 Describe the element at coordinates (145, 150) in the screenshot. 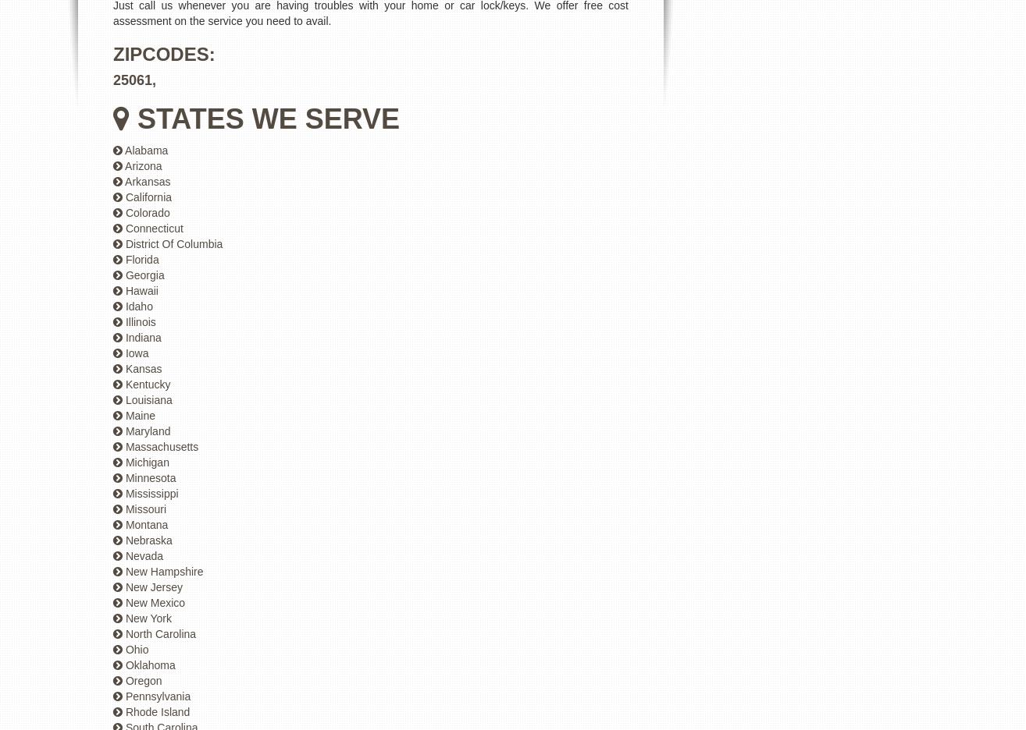

I see `'Alabama'` at that location.